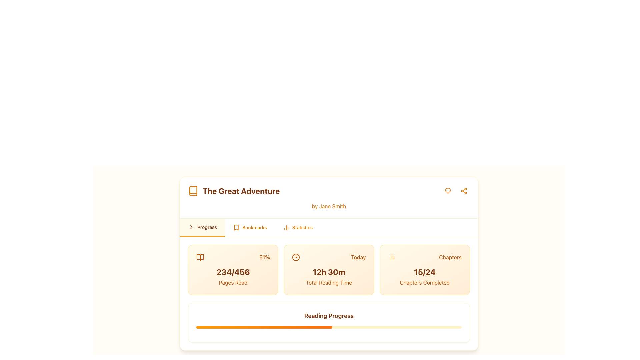 The height and width of the screenshot is (360, 640). What do you see at coordinates (329, 327) in the screenshot?
I see `the Progress Bar located under the 'Reading Progress' text` at bounding box center [329, 327].